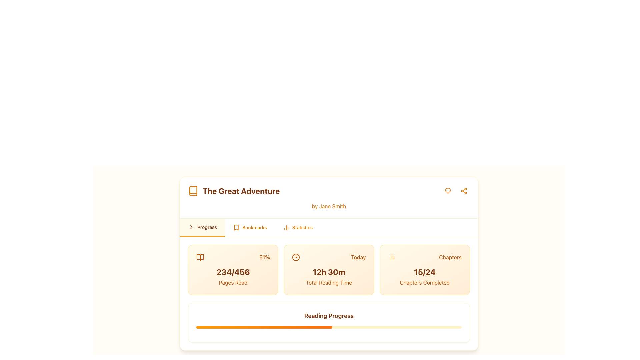 The height and width of the screenshot is (360, 640). What do you see at coordinates (329, 327) in the screenshot?
I see `the Progress Bar located under the 'Reading Progress' text` at bounding box center [329, 327].